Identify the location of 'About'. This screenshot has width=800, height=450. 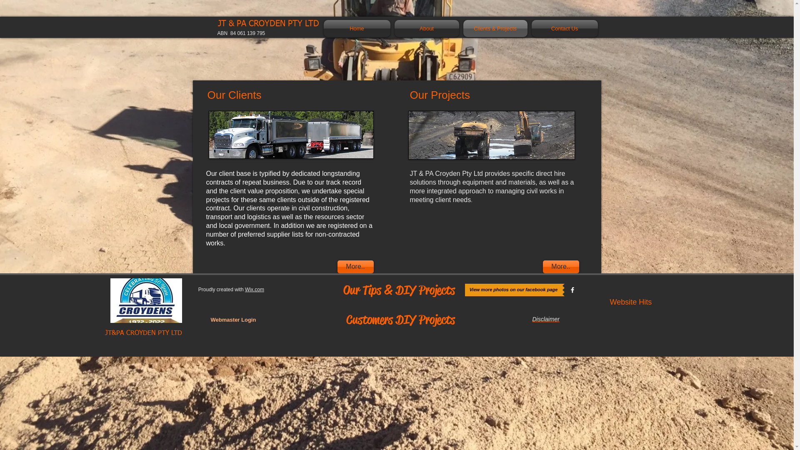
(427, 28).